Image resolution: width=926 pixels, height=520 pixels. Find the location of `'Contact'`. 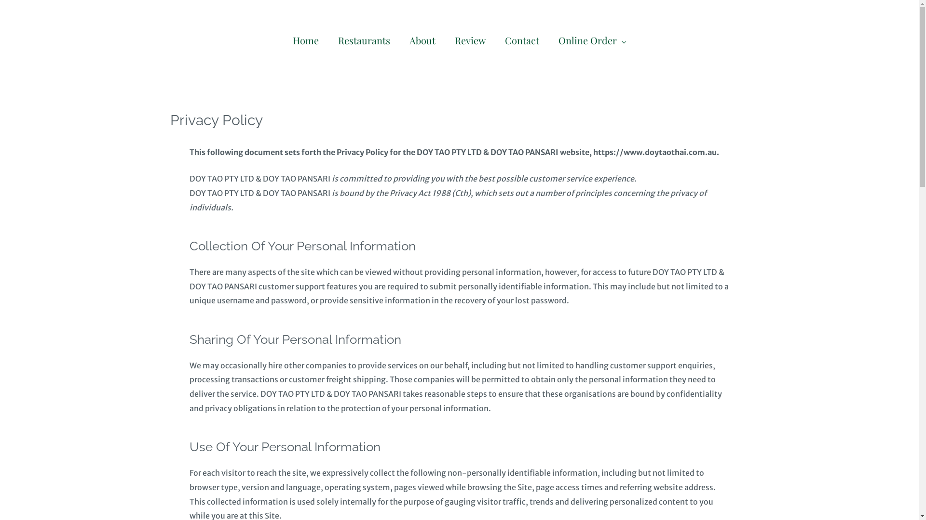

'Contact' is located at coordinates (521, 39).